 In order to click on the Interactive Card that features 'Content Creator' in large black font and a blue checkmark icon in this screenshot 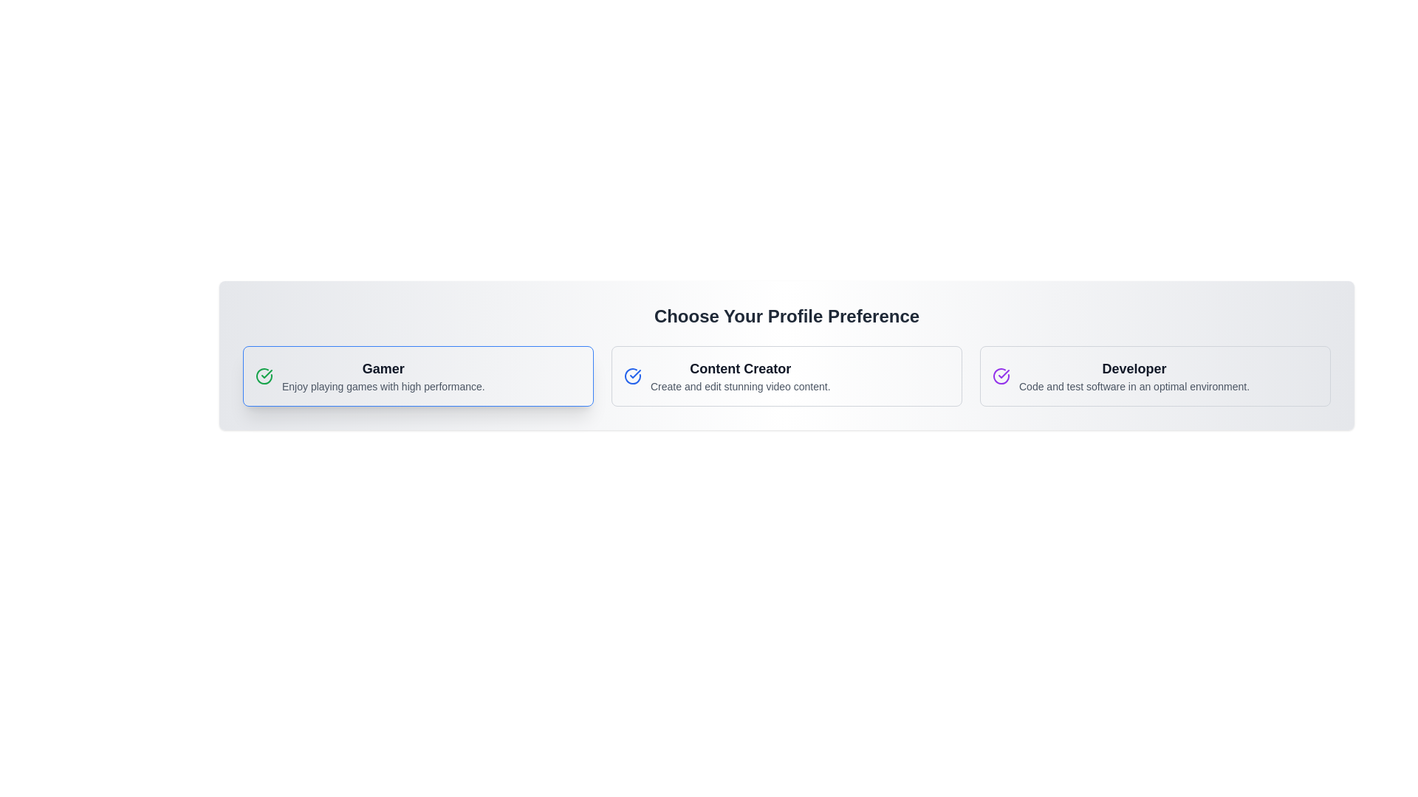, I will do `click(786, 375)`.